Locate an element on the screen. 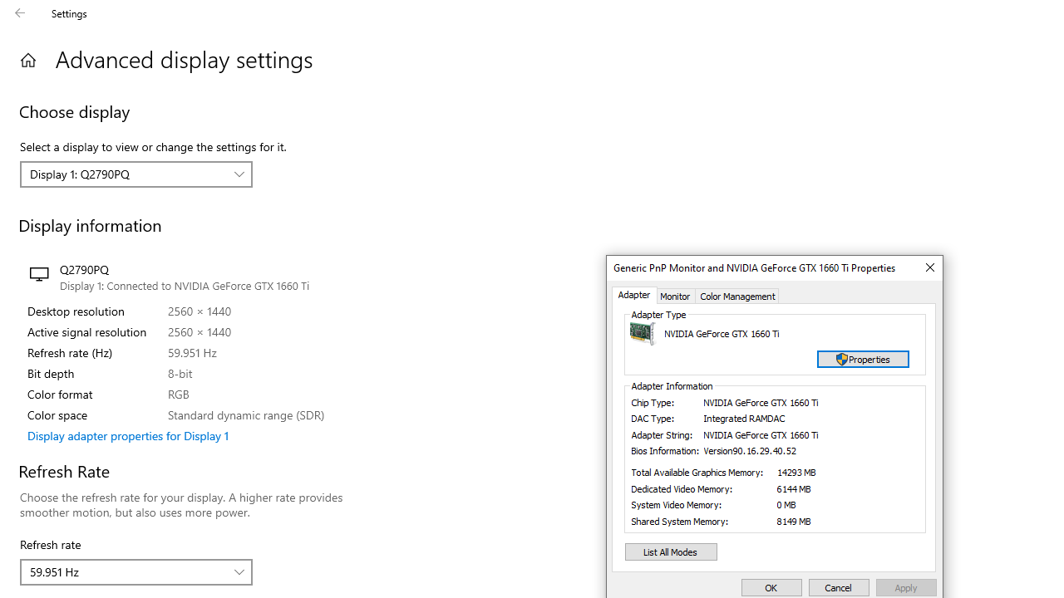 The height and width of the screenshot is (598, 1064). 'List All Modes' is located at coordinates (671, 551).